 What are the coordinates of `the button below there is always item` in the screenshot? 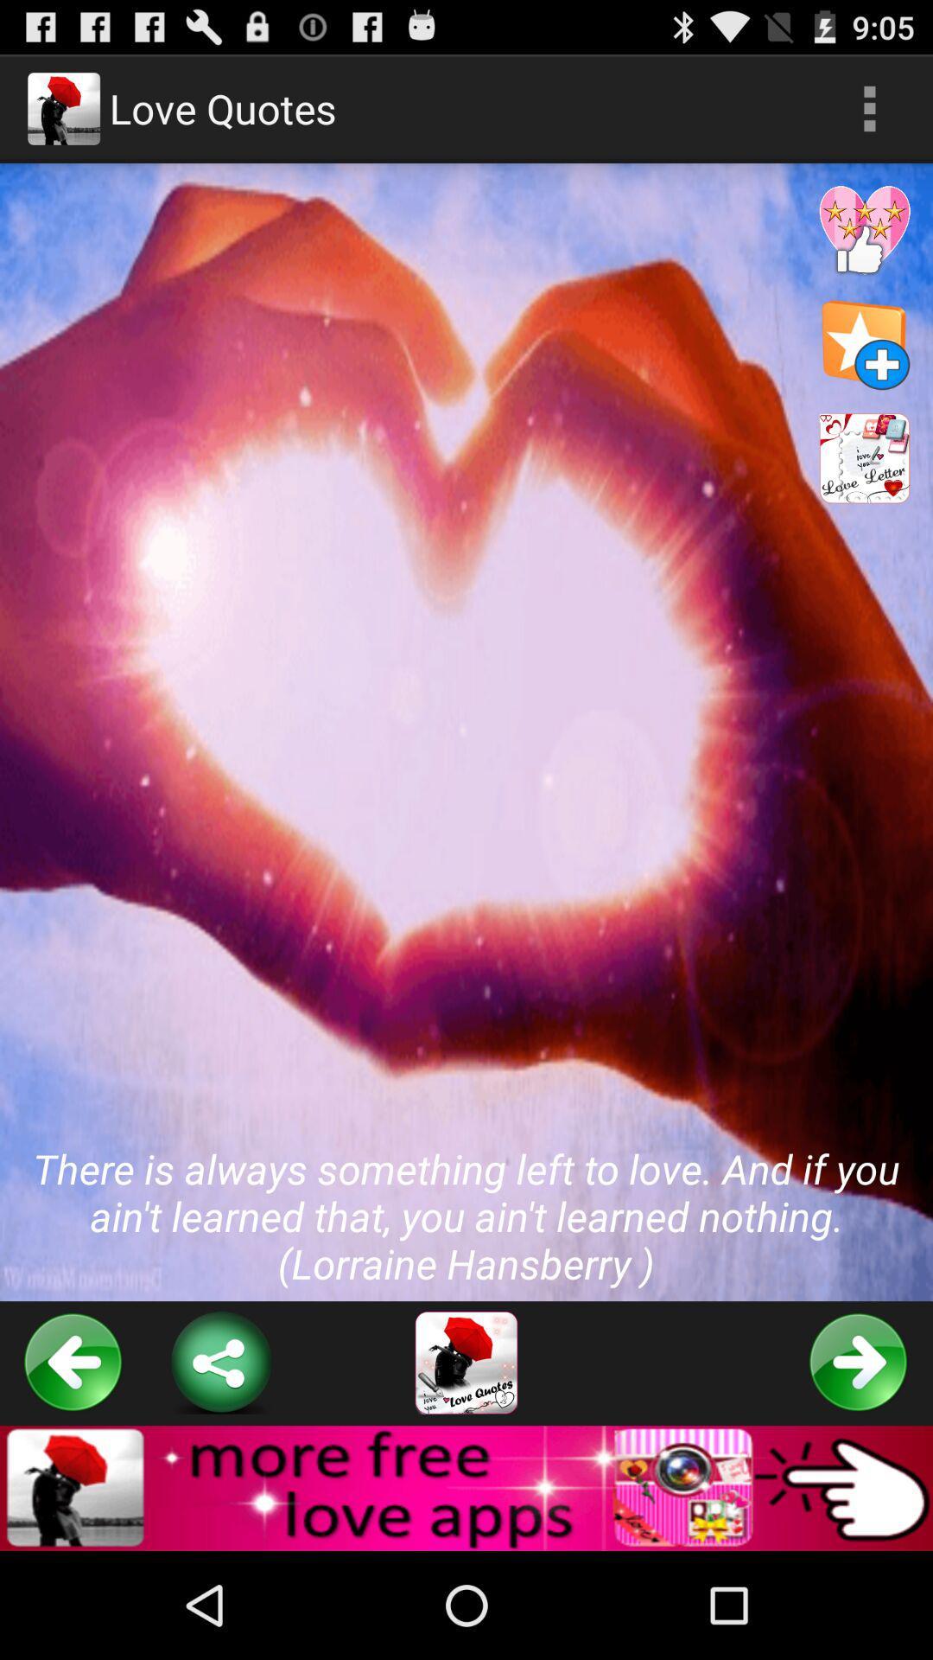 It's located at (466, 1362).